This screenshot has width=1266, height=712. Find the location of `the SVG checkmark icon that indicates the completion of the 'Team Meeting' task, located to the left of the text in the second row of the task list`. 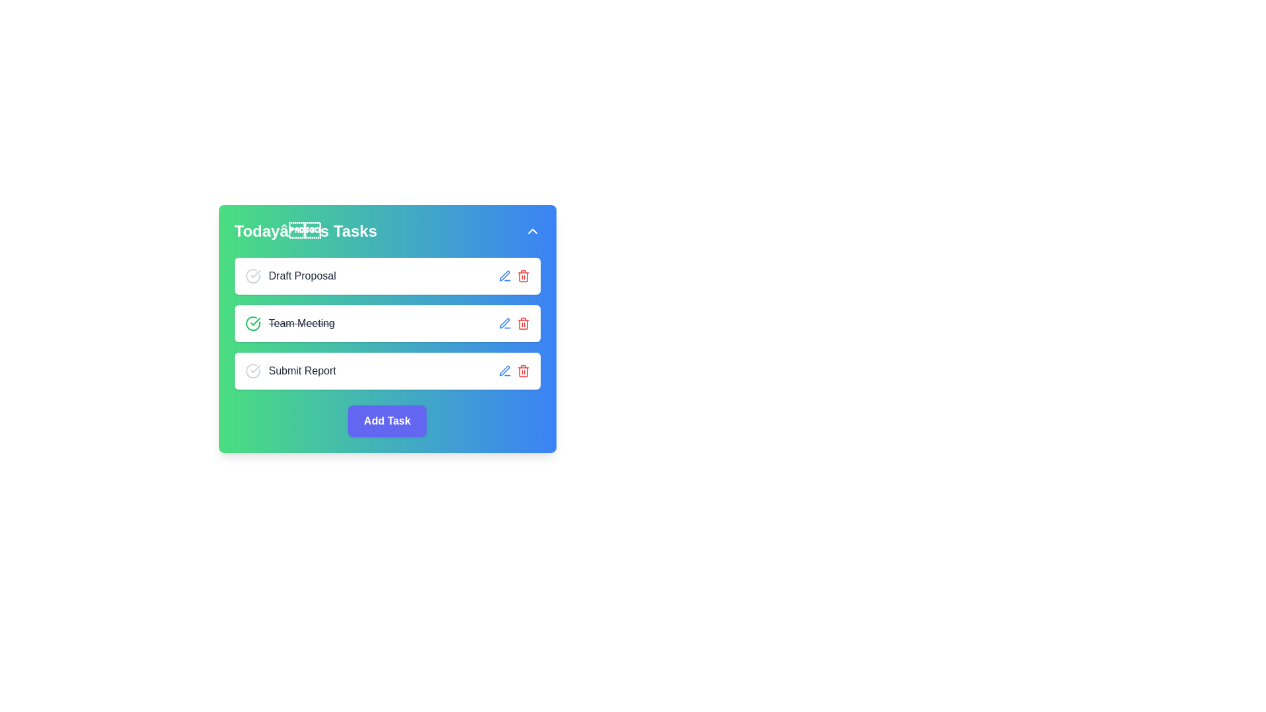

the SVG checkmark icon that indicates the completion of the 'Team Meeting' task, located to the left of the text in the second row of the task list is located at coordinates (255, 322).